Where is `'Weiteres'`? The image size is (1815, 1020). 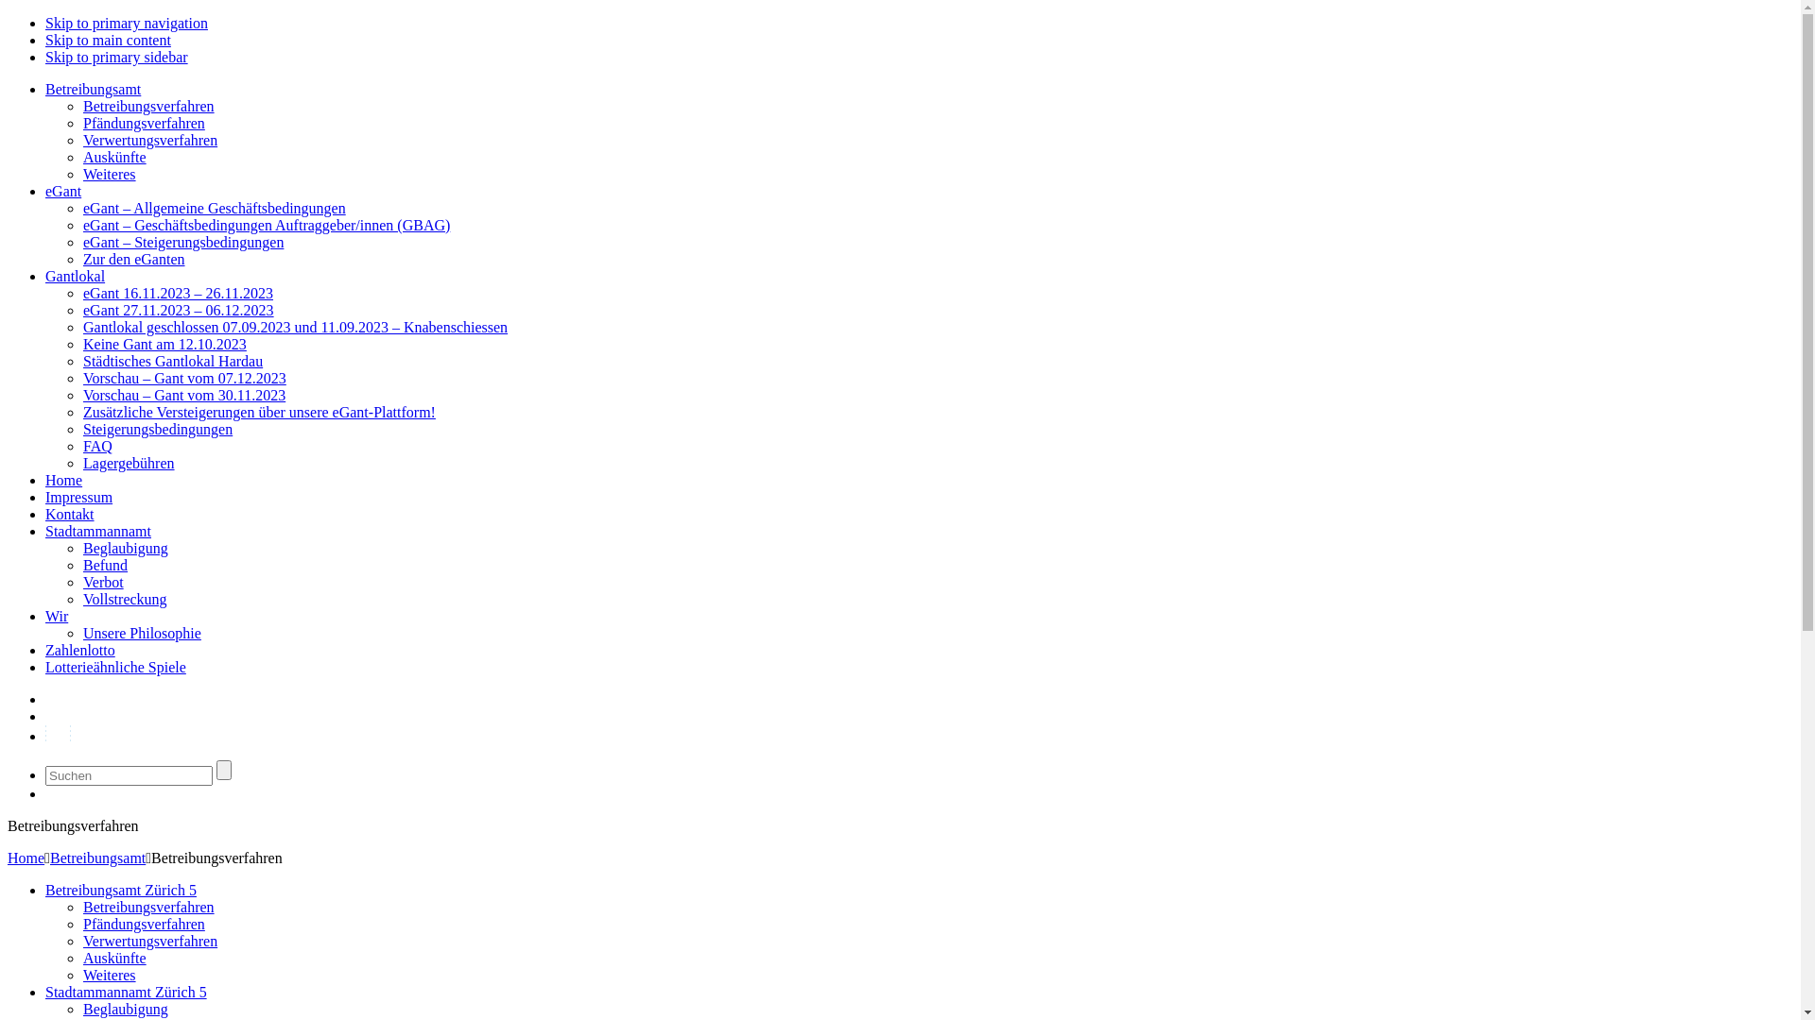 'Weiteres' is located at coordinates (108, 174).